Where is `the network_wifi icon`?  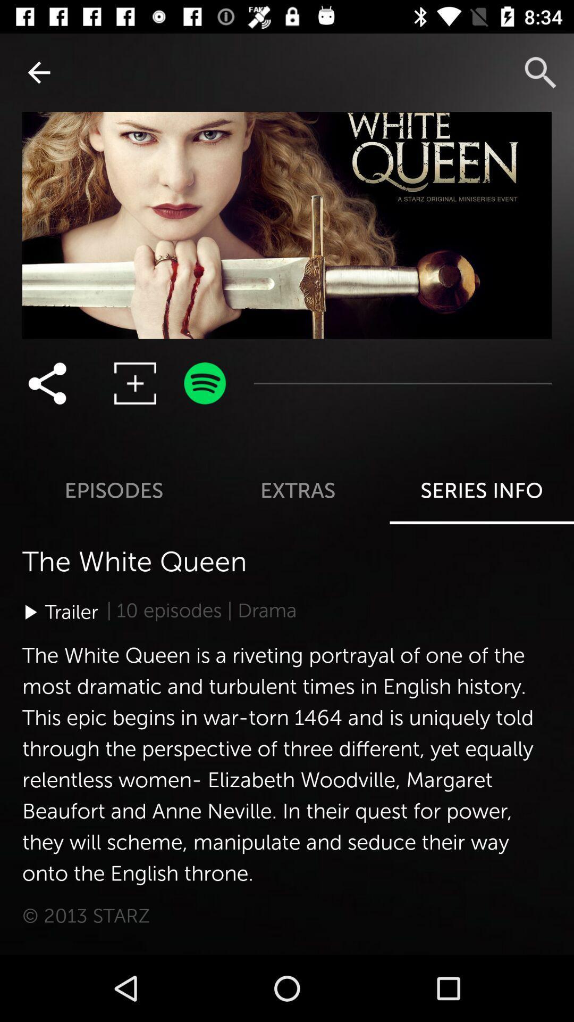
the network_wifi icon is located at coordinates (205, 383).